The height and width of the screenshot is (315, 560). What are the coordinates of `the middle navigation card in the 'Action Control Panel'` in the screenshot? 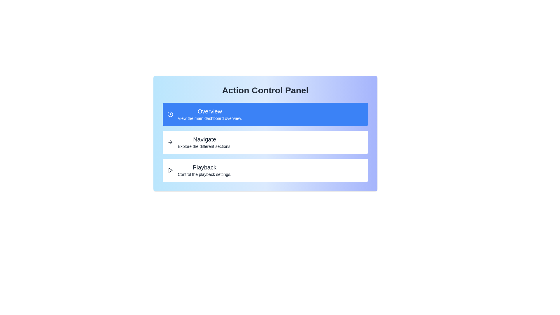 It's located at (265, 134).